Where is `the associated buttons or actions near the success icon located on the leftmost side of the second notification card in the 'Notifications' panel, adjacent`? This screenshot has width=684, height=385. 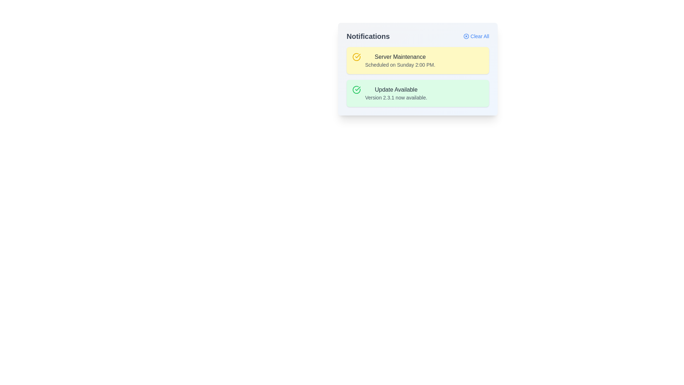
the associated buttons or actions near the success icon located on the leftmost side of the second notification card in the 'Notifications' panel, adjacent is located at coordinates (357, 89).